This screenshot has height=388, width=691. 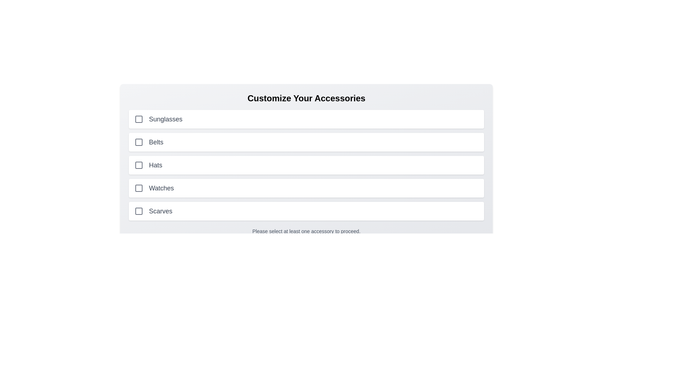 I want to click on the checkbox for the 'Sunglasses' option, so click(x=139, y=119).